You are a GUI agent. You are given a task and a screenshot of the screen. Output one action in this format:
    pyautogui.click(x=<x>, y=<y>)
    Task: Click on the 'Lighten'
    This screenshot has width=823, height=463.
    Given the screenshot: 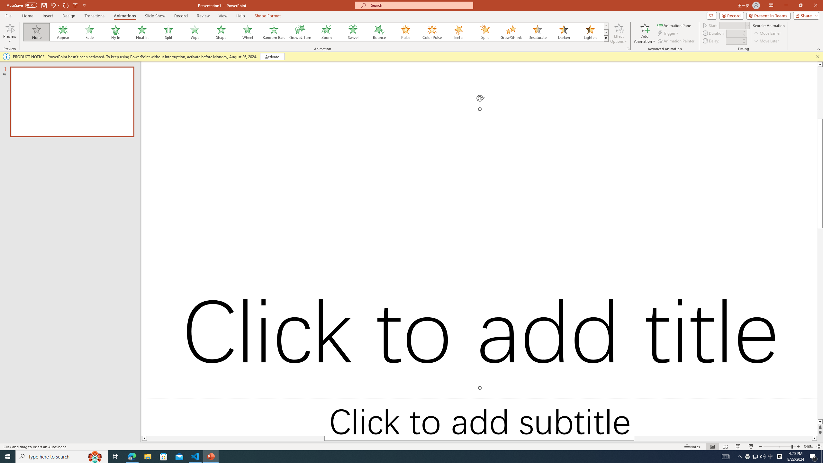 What is the action you would take?
    pyautogui.click(x=590, y=32)
    